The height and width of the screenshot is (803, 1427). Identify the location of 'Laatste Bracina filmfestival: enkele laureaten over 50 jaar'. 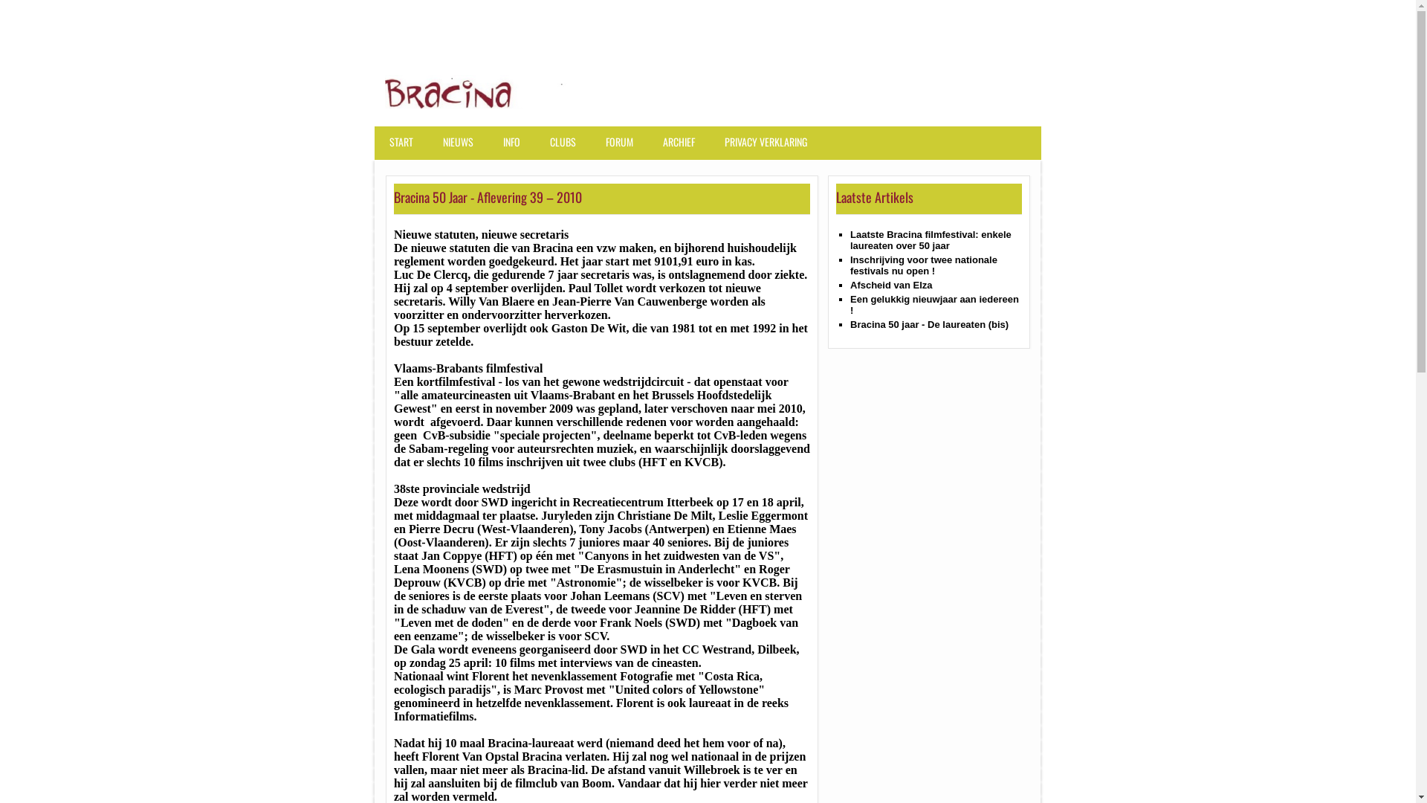
(930, 239).